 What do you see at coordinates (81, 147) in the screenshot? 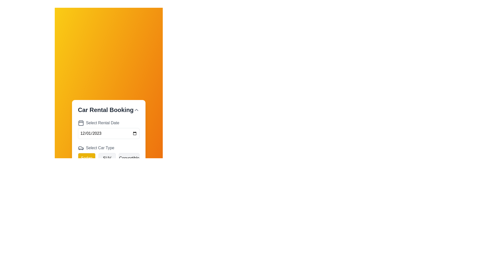
I see `the car icon` at bounding box center [81, 147].